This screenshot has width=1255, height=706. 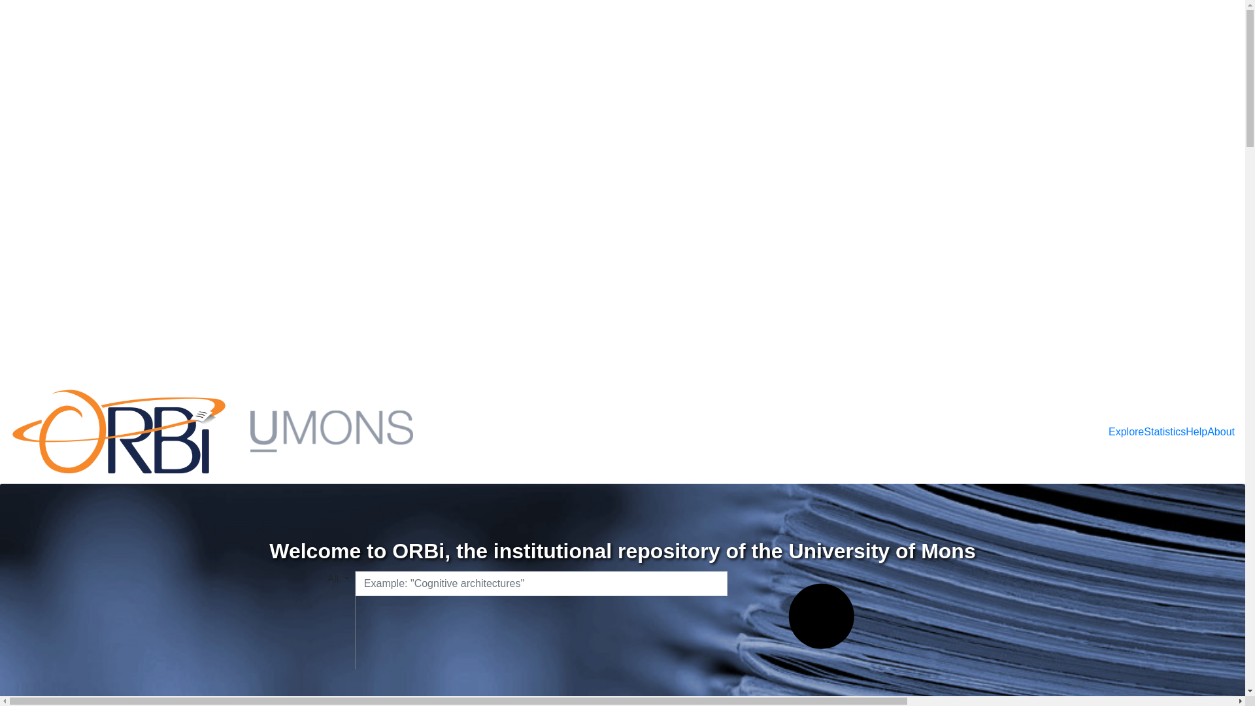 What do you see at coordinates (1126, 431) in the screenshot?
I see `'Explore'` at bounding box center [1126, 431].